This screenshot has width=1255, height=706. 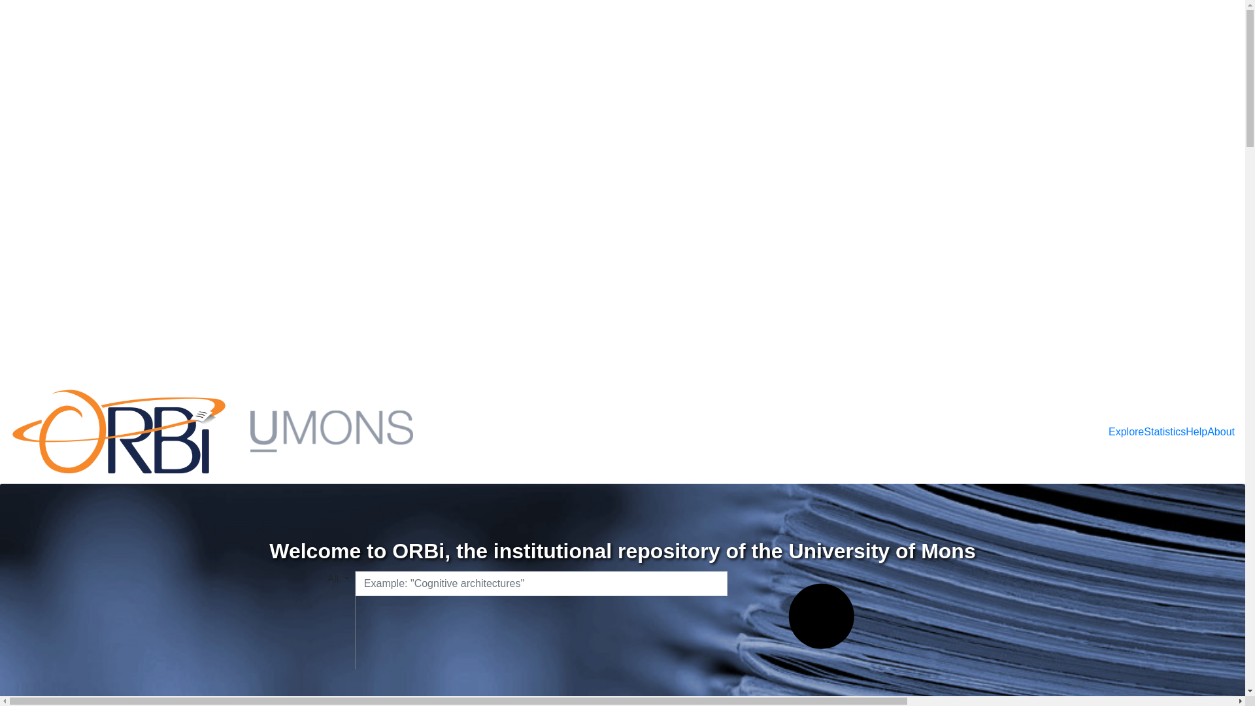 What do you see at coordinates (1126, 431) in the screenshot?
I see `'Explore'` at bounding box center [1126, 431].